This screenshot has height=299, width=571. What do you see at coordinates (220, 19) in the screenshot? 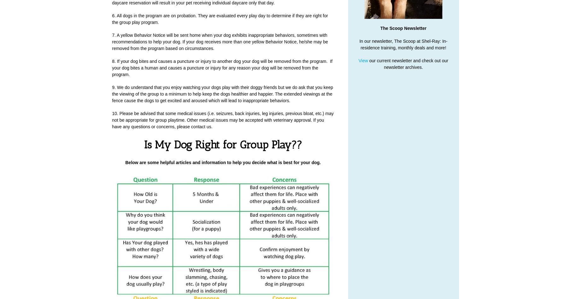
I see `'6. All dogs in the program are on probation. They are evaluated every play day to determine if they are right for the group play program.'` at bounding box center [220, 19].